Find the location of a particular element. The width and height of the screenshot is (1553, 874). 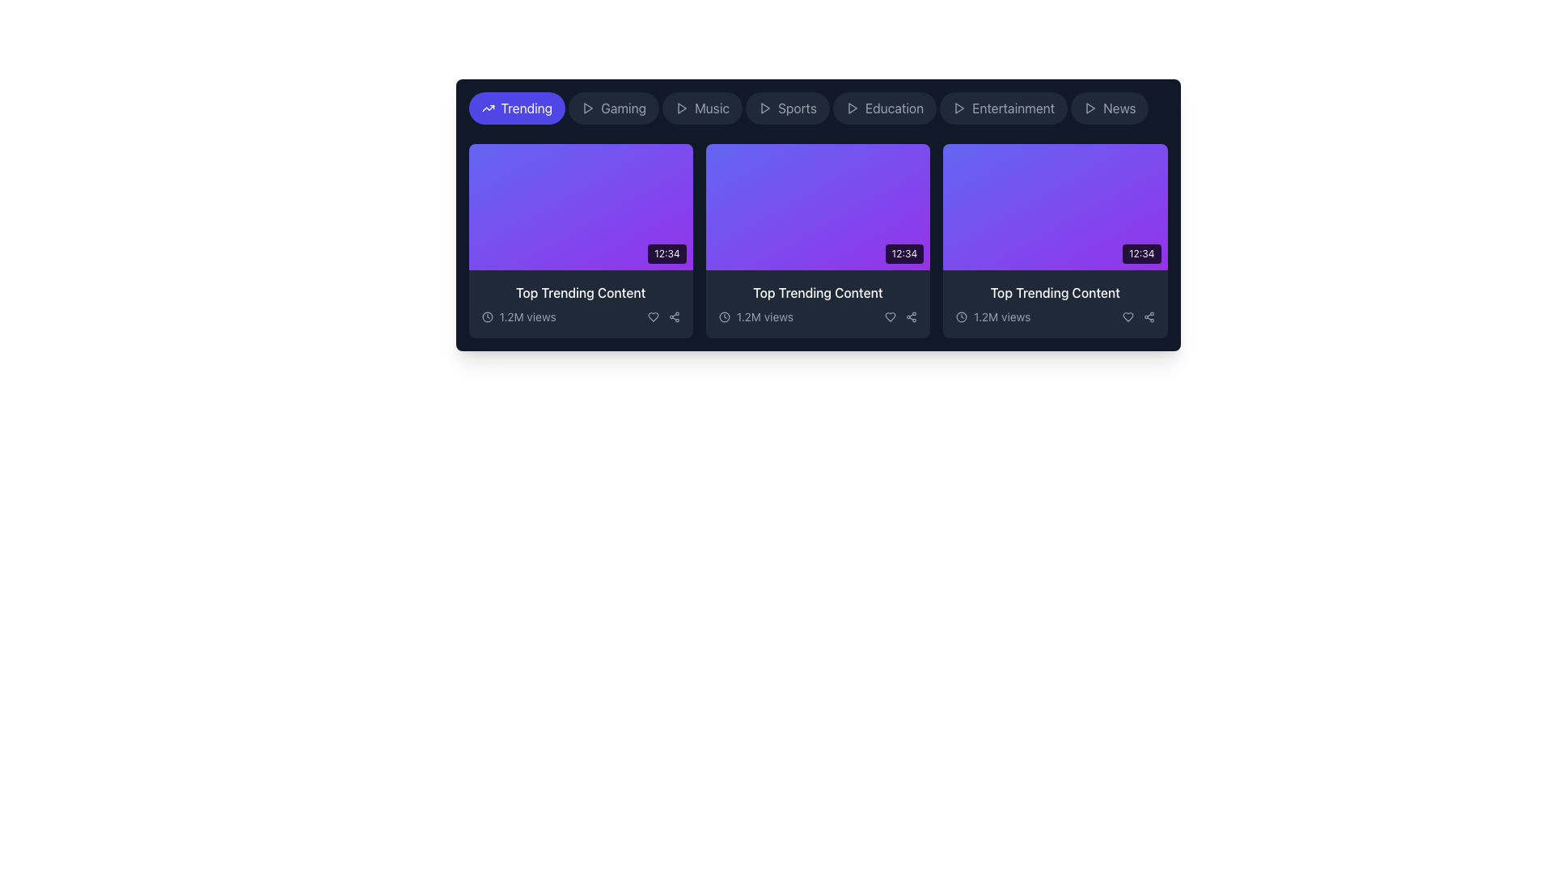

the Thumbnail preview element displaying the duration '12:34' is located at coordinates (581, 206).